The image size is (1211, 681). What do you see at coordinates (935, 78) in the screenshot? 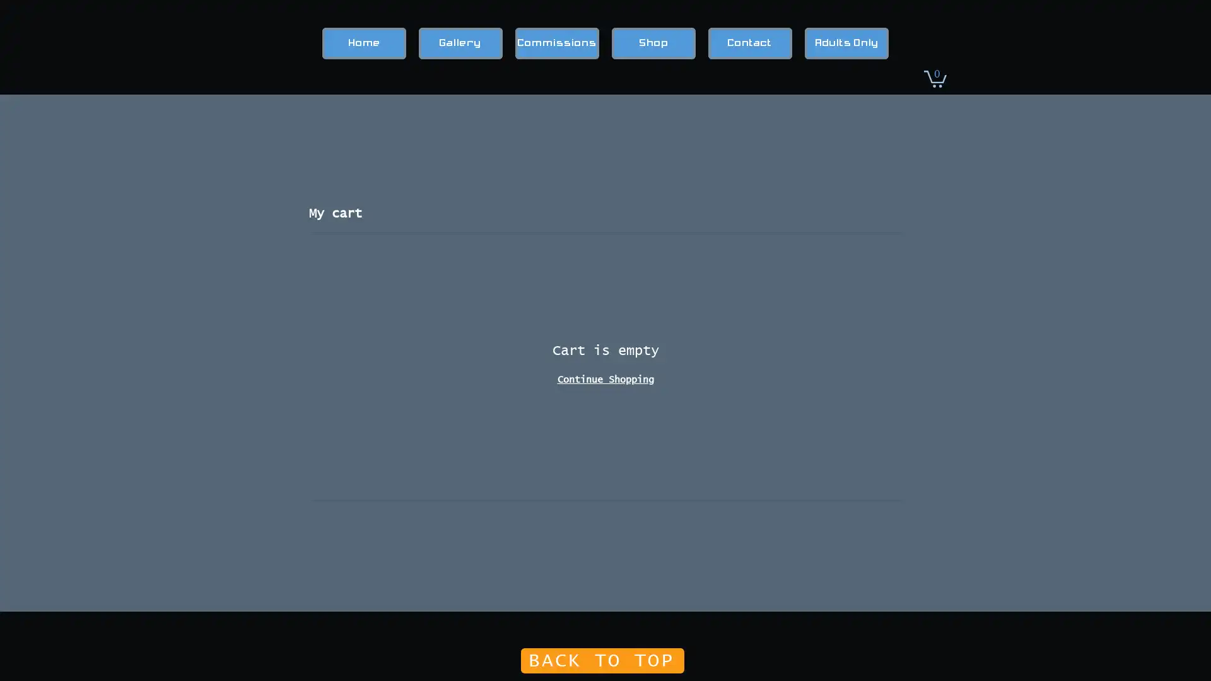
I see `Cart with 0 items` at bounding box center [935, 78].